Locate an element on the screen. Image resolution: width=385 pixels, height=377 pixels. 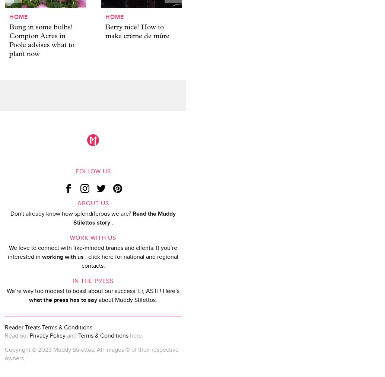
'Don't already know how splendiferous we are?' is located at coordinates (71, 213).